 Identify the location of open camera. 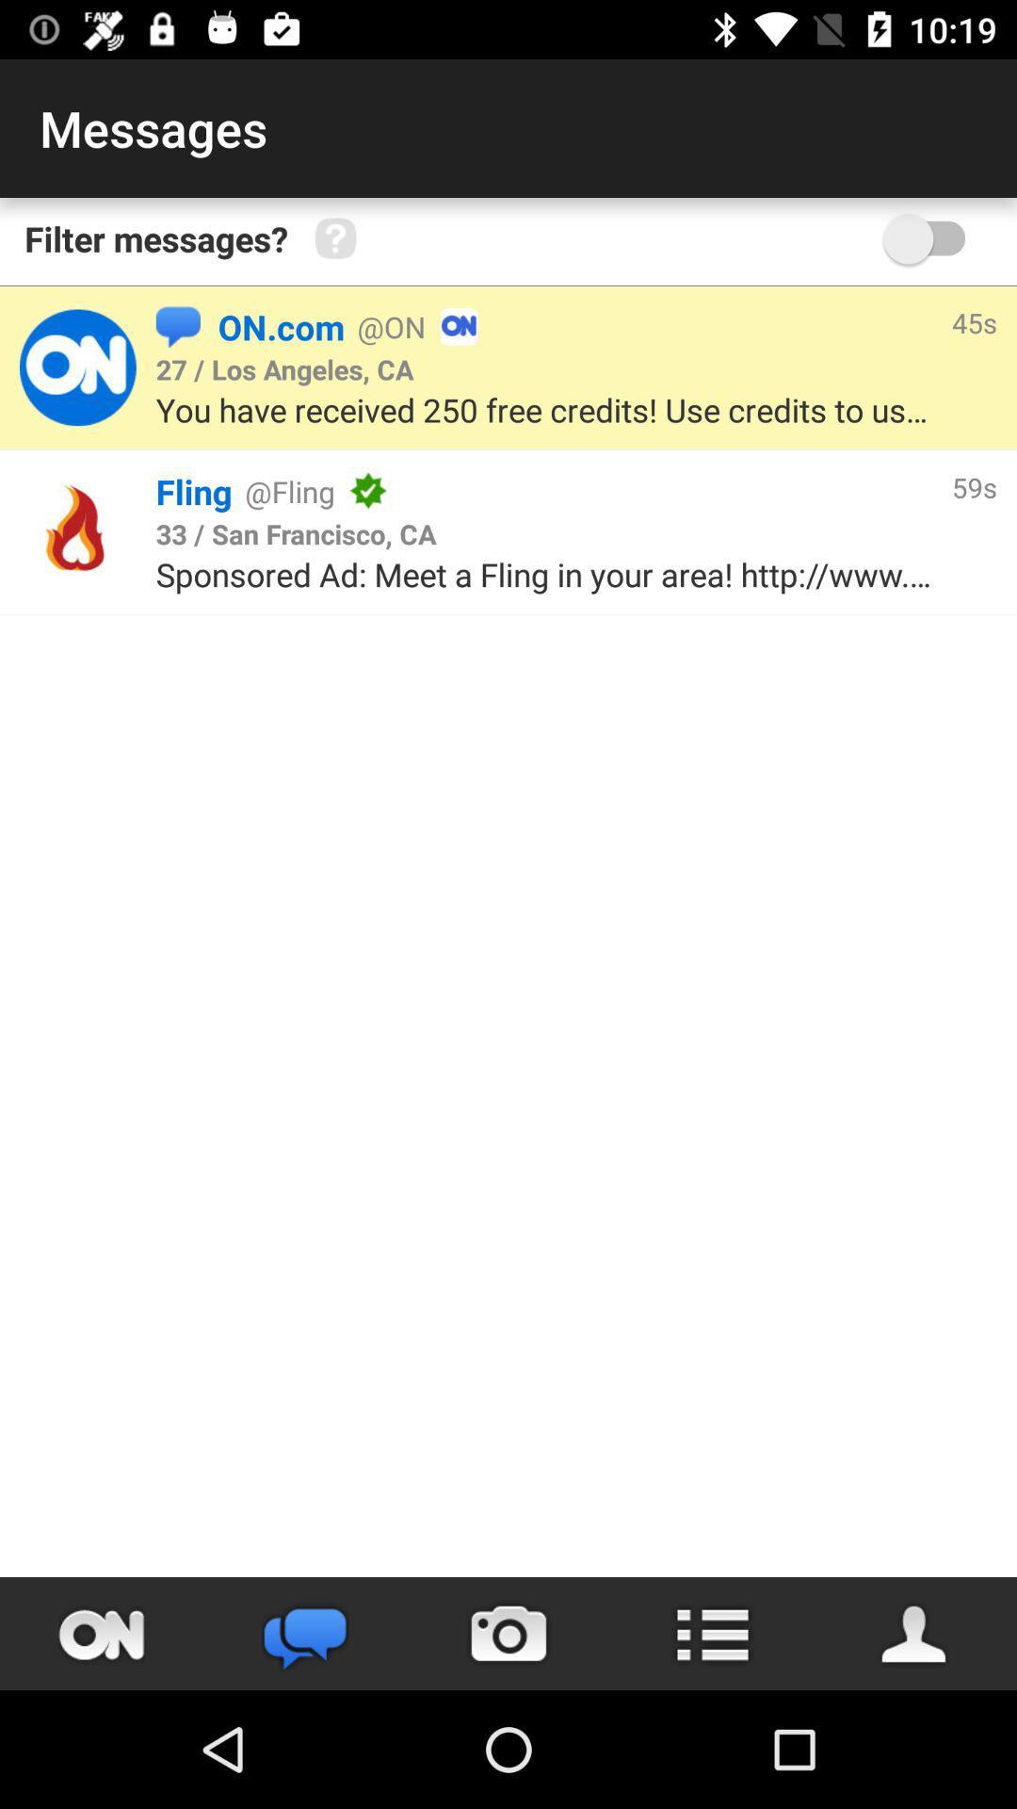
(508, 1633).